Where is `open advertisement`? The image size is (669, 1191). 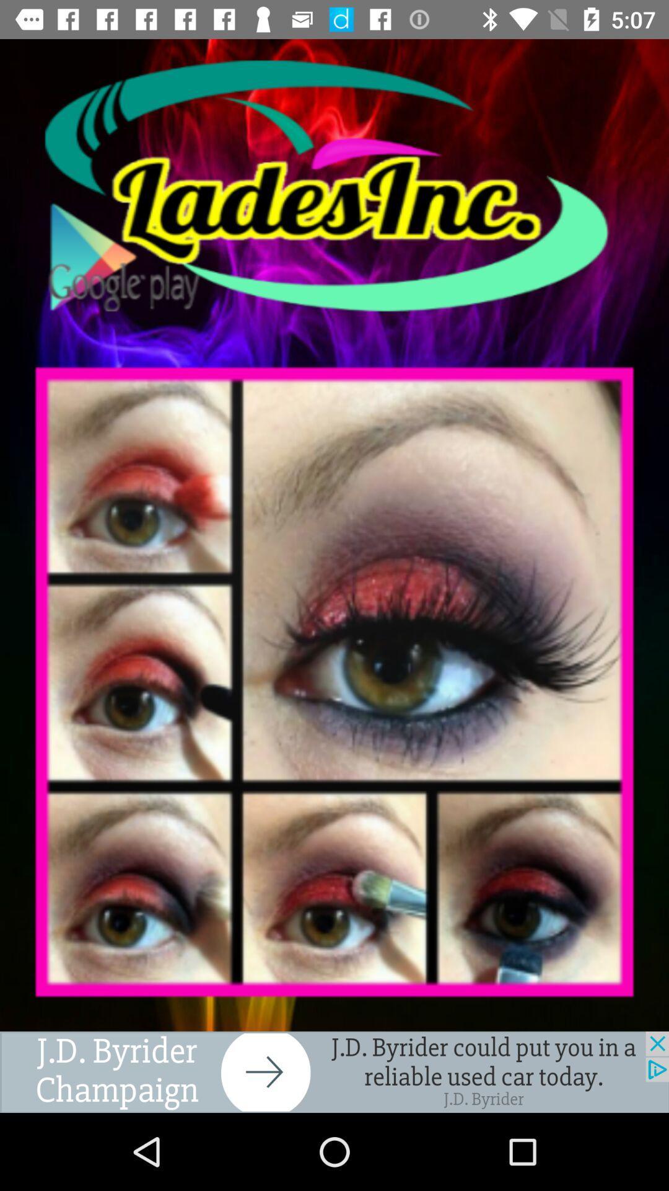 open advertisement is located at coordinates (334, 1071).